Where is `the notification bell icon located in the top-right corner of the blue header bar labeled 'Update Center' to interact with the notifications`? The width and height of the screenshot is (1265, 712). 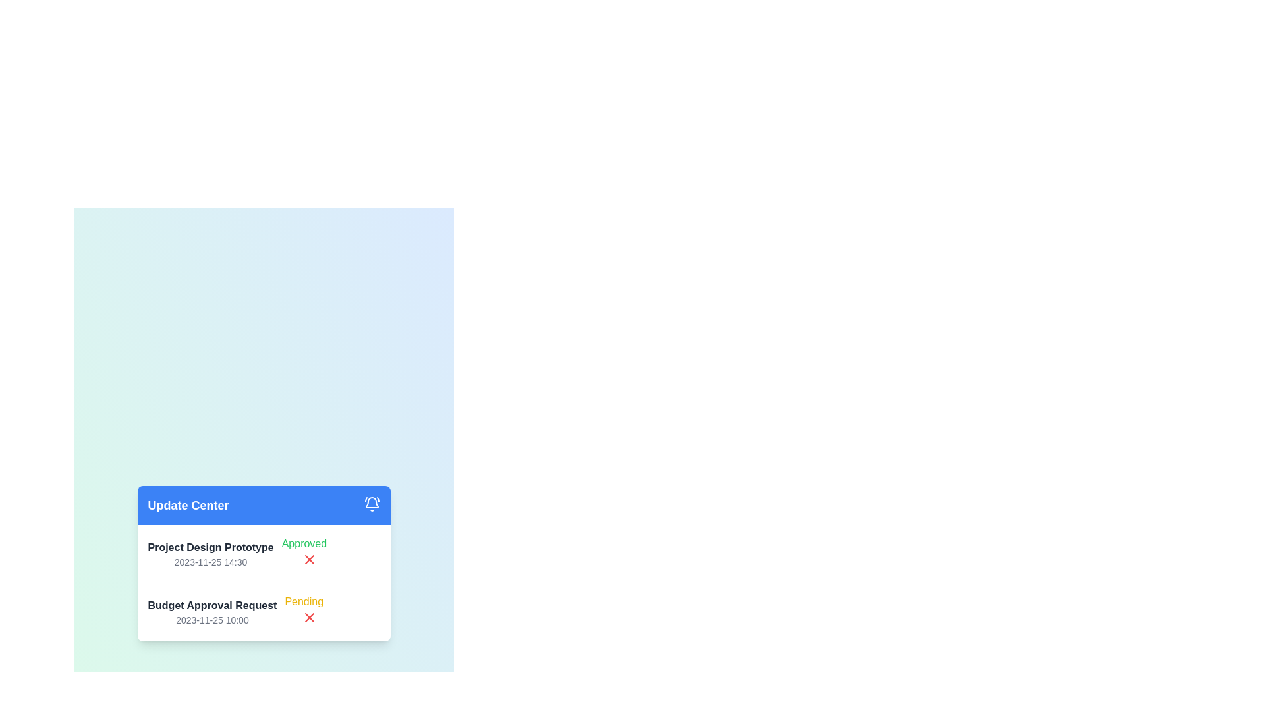
the notification bell icon located in the top-right corner of the blue header bar labeled 'Update Center' to interact with the notifications is located at coordinates (371, 502).